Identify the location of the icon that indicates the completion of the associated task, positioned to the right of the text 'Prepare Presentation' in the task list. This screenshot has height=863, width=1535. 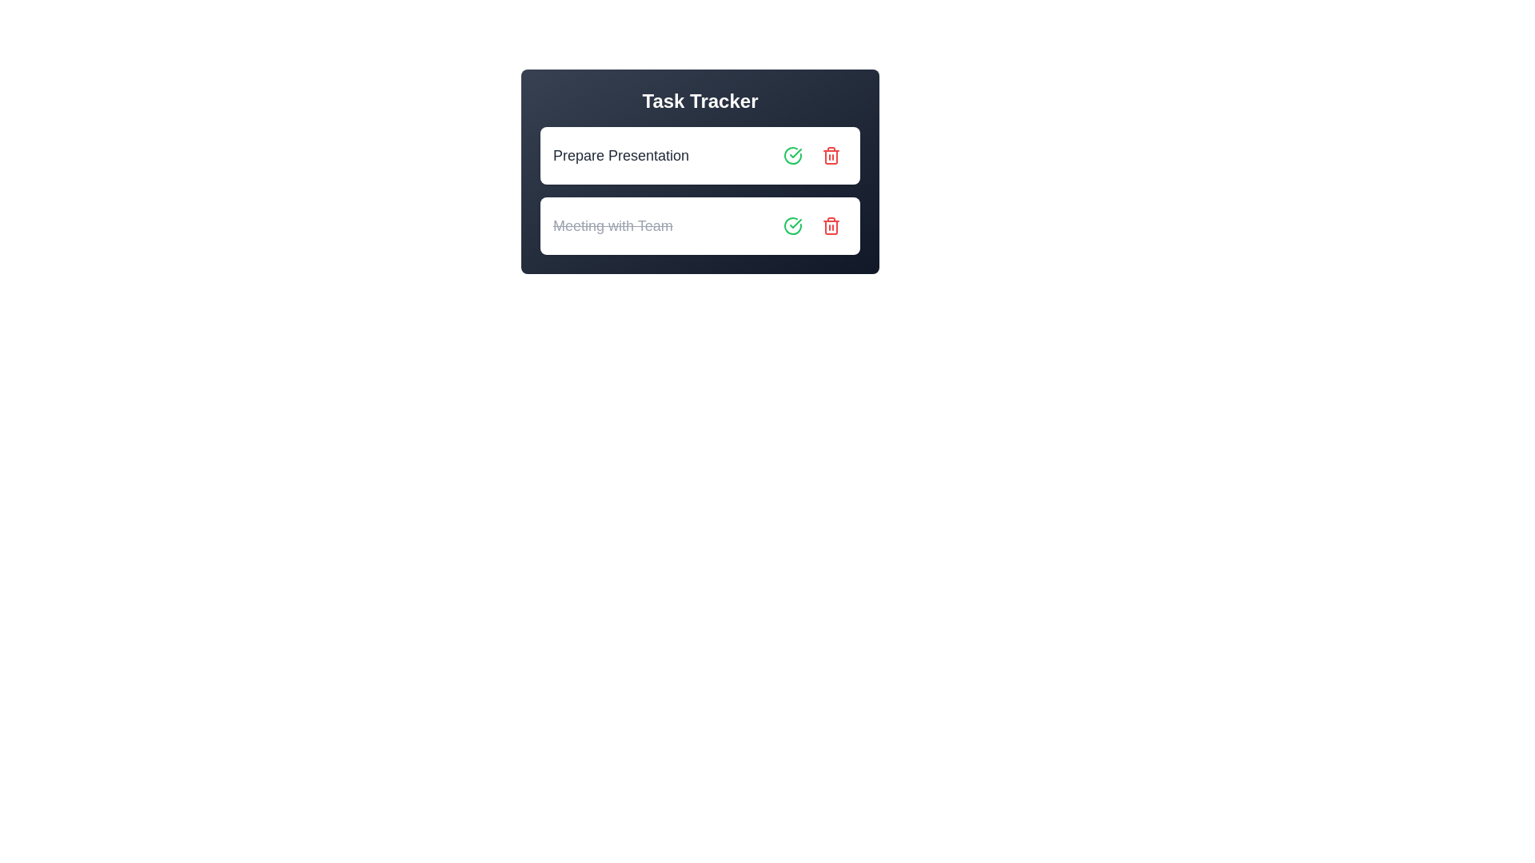
(793, 156).